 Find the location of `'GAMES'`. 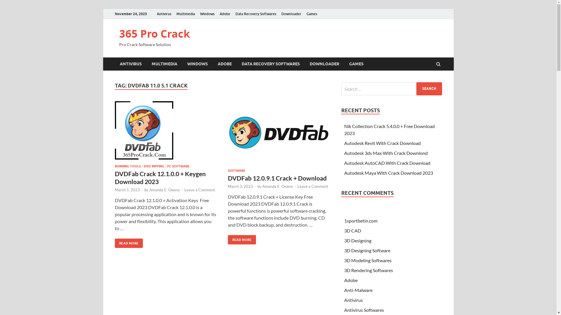

'GAMES' is located at coordinates (356, 64).